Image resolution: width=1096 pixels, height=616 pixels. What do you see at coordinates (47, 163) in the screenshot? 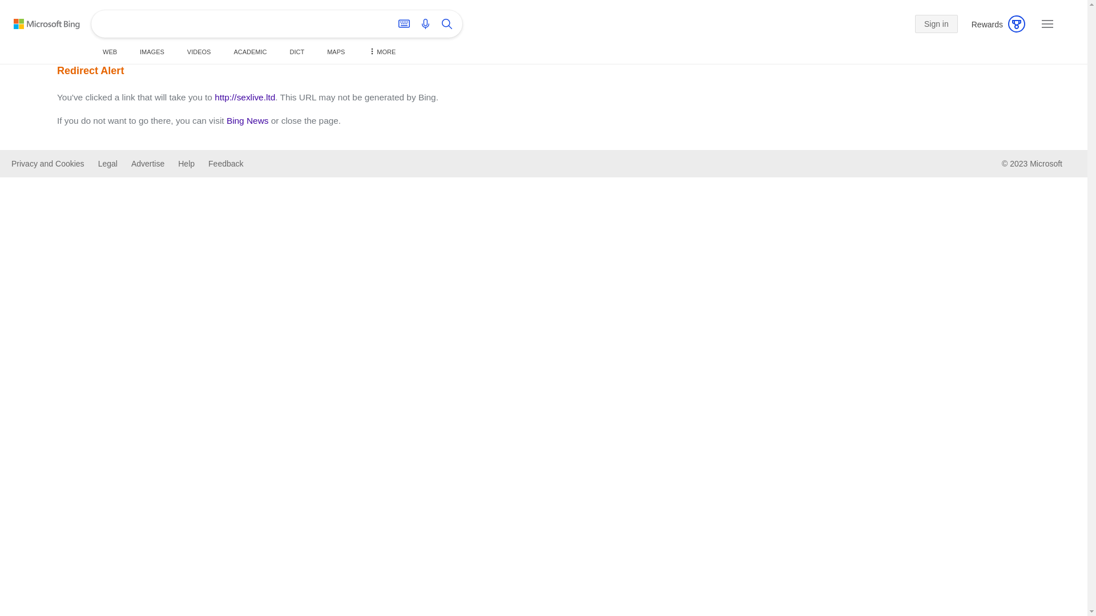
I see `'Privacy and Cookies'` at bounding box center [47, 163].